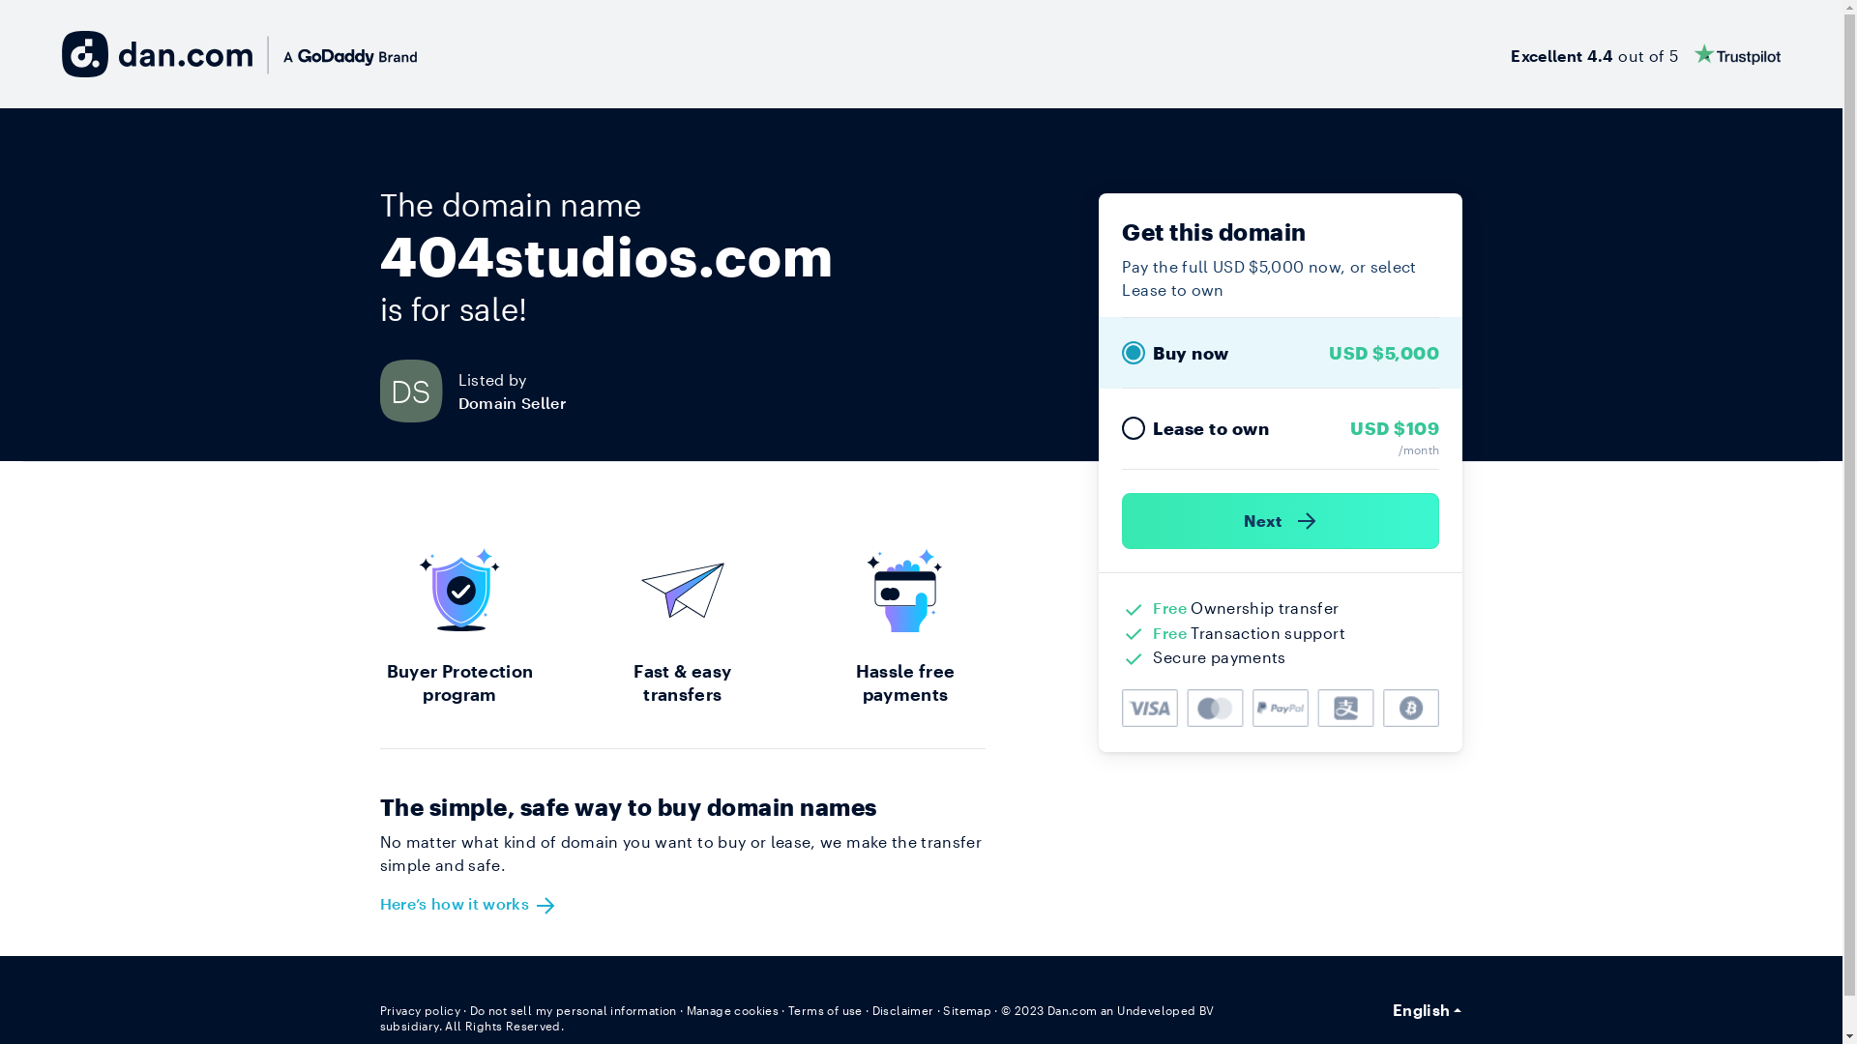 Image resolution: width=1857 pixels, height=1044 pixels. Describe the element at coordinates (825, 1009) in the screenshot. I see `'Terms of use'` at that location.